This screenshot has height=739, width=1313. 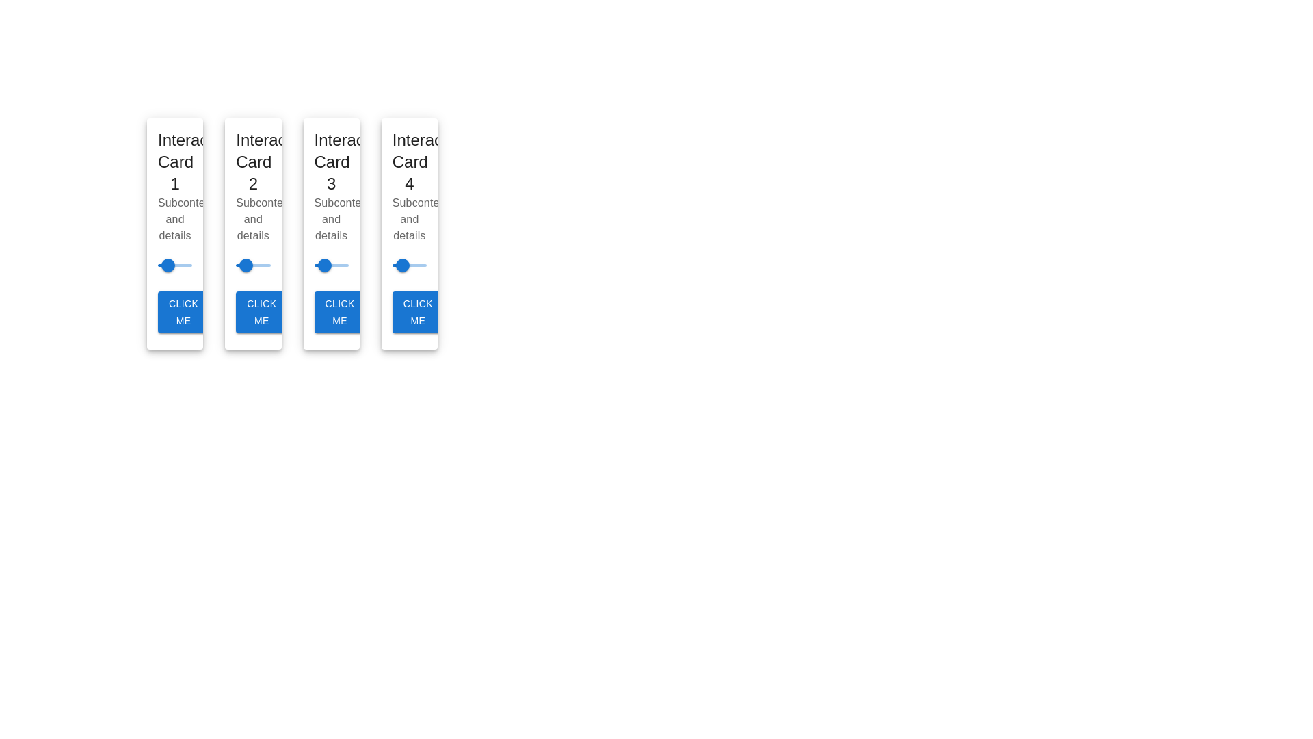 What do you see at coordinates (253, 219) in the screenshot?
I see `the text label providing additional information related to 'Interactive Card 2', which is positioned below the title and above the slider within the second card` at bounding box center [253, 219].